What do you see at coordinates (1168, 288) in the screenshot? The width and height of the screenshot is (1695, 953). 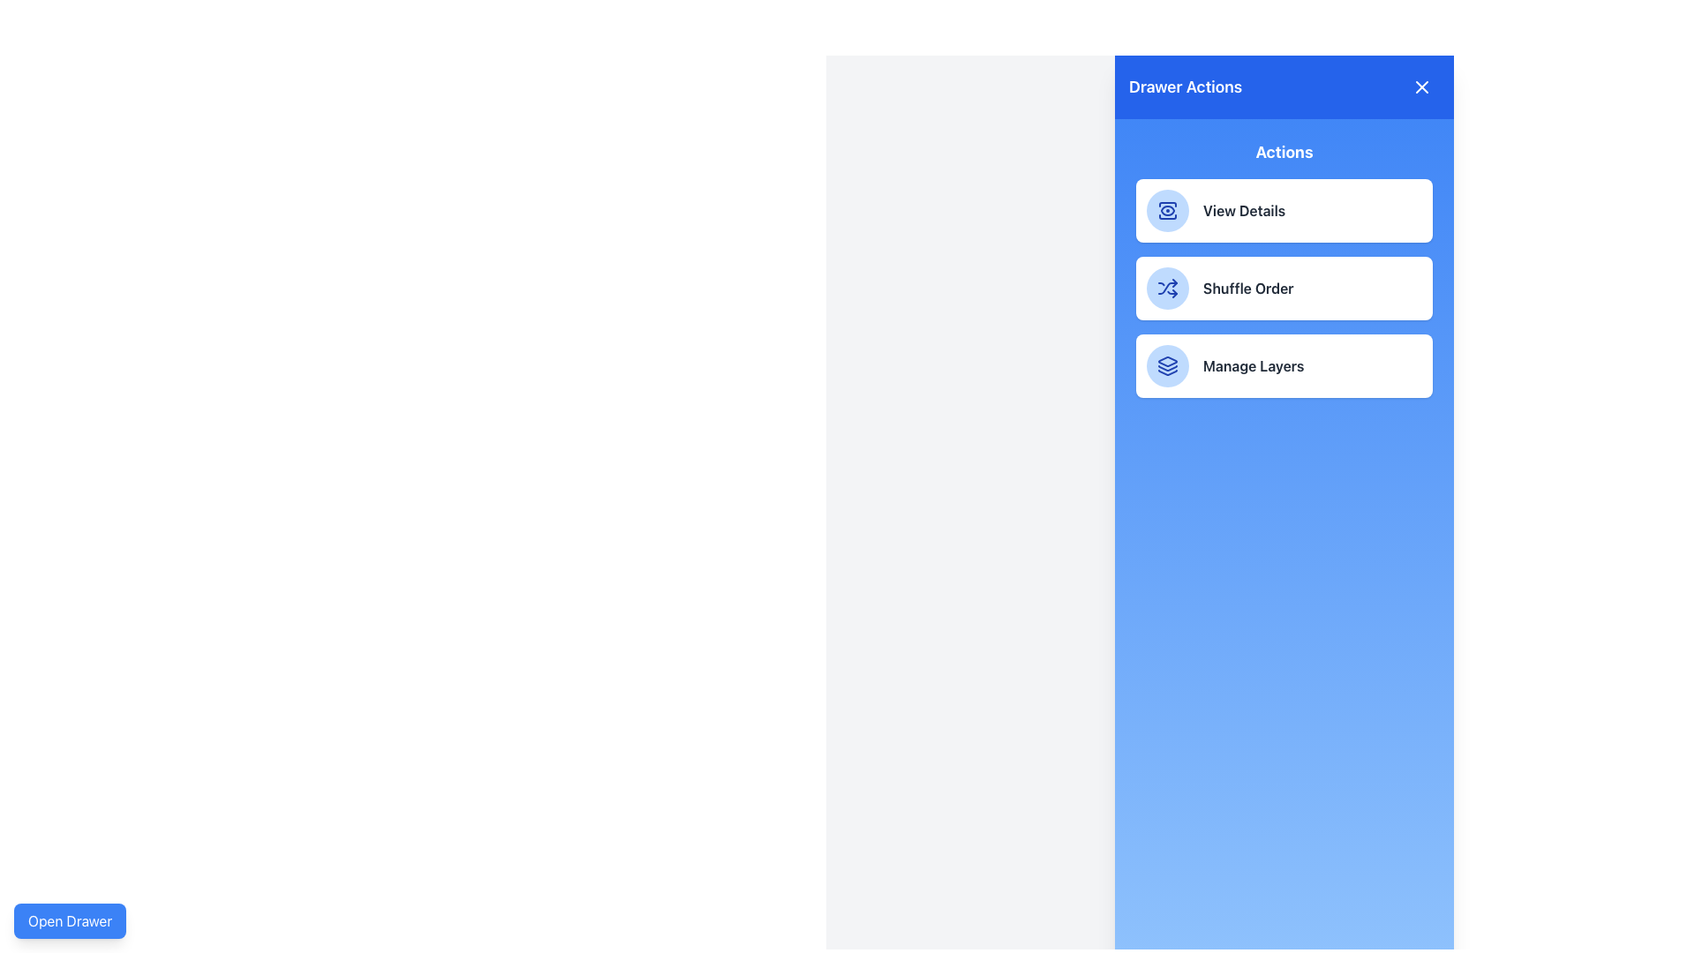 I see `the Shuffle Order button located in the right-side drawer under the header 'Drawer Actions.' This button serves as a visual indicator for a shuffle-related action` at bounding box center [1168, 288].